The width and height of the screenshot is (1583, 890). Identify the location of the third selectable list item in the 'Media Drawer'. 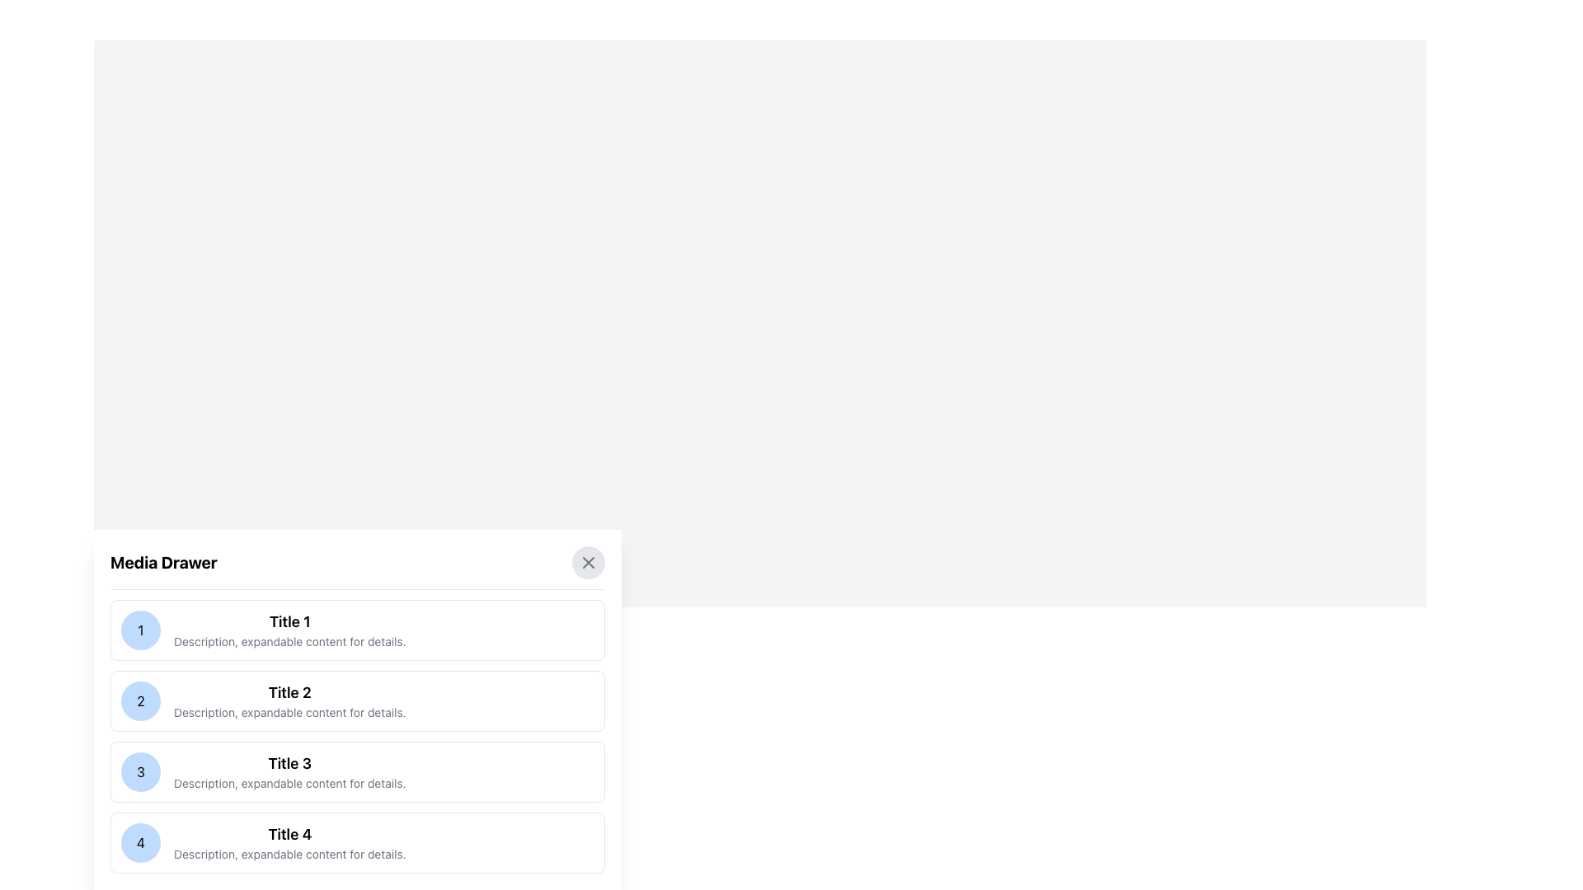
(356, 772).